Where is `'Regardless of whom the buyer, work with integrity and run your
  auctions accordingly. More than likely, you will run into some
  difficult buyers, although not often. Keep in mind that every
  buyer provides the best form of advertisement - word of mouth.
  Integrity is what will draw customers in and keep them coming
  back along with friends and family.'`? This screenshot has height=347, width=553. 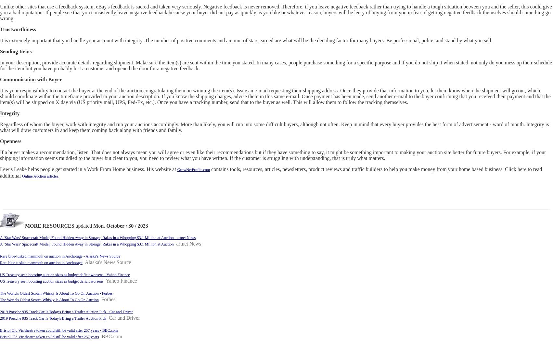 'Regardless of whom the buyer, work with integrity and run your
  auctions accordingly. More than likely, you will run into some
  difficult buyers, although not often. Keep in mind that every
  buyer provides the best form of advertisement - word of mouth.
  Integrity is what will draw customers in and keep them coming
  back along with friends and family.' is located at coordinates (274, 127).